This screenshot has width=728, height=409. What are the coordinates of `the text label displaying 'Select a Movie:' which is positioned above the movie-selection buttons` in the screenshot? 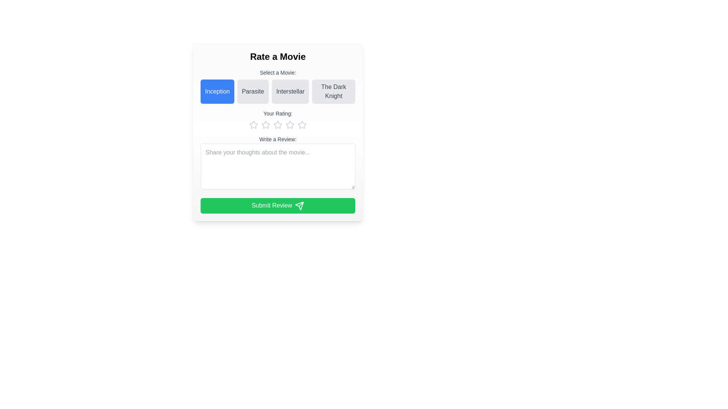 It's located at (278, 73).